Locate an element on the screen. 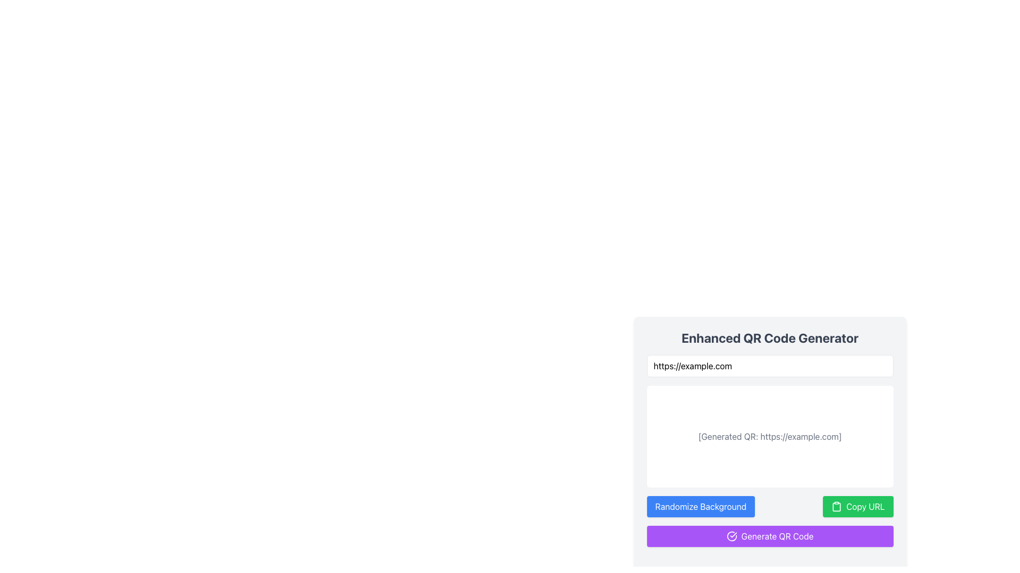  the circular icon with a checkmark inside the 'Generate QR Code' button that has a purple background and white text is located at coordinates (731, 536).